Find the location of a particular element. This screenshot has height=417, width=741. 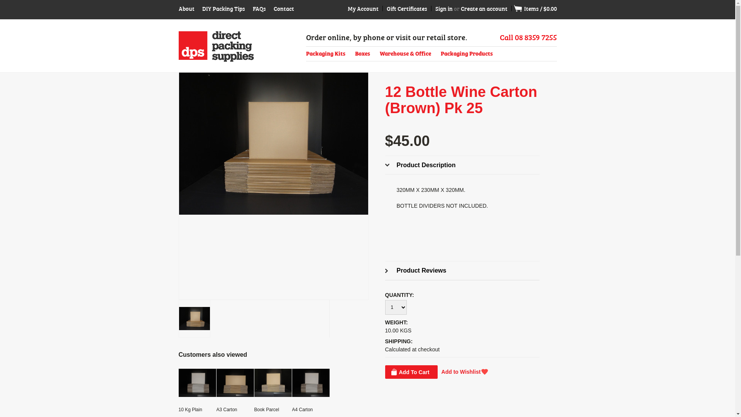

'Packaging Kits' is located at coordinates (325, 53).